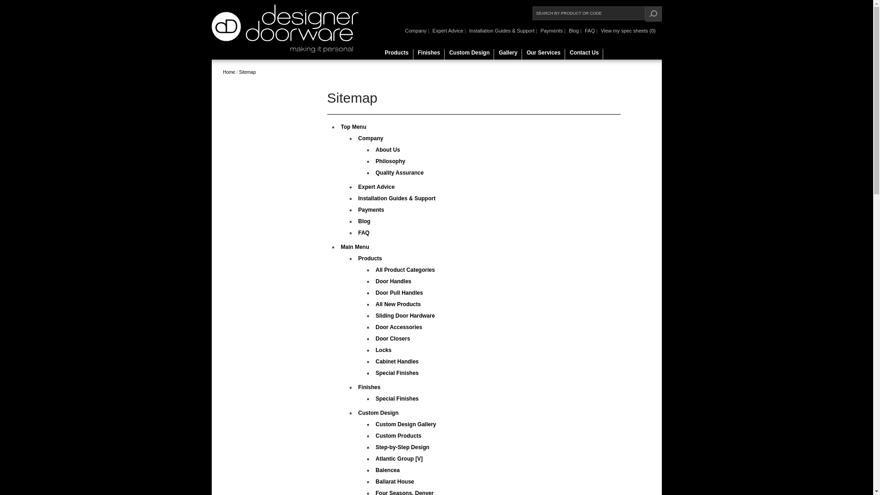  I want to click on 'Finishes', so click(413, 55).